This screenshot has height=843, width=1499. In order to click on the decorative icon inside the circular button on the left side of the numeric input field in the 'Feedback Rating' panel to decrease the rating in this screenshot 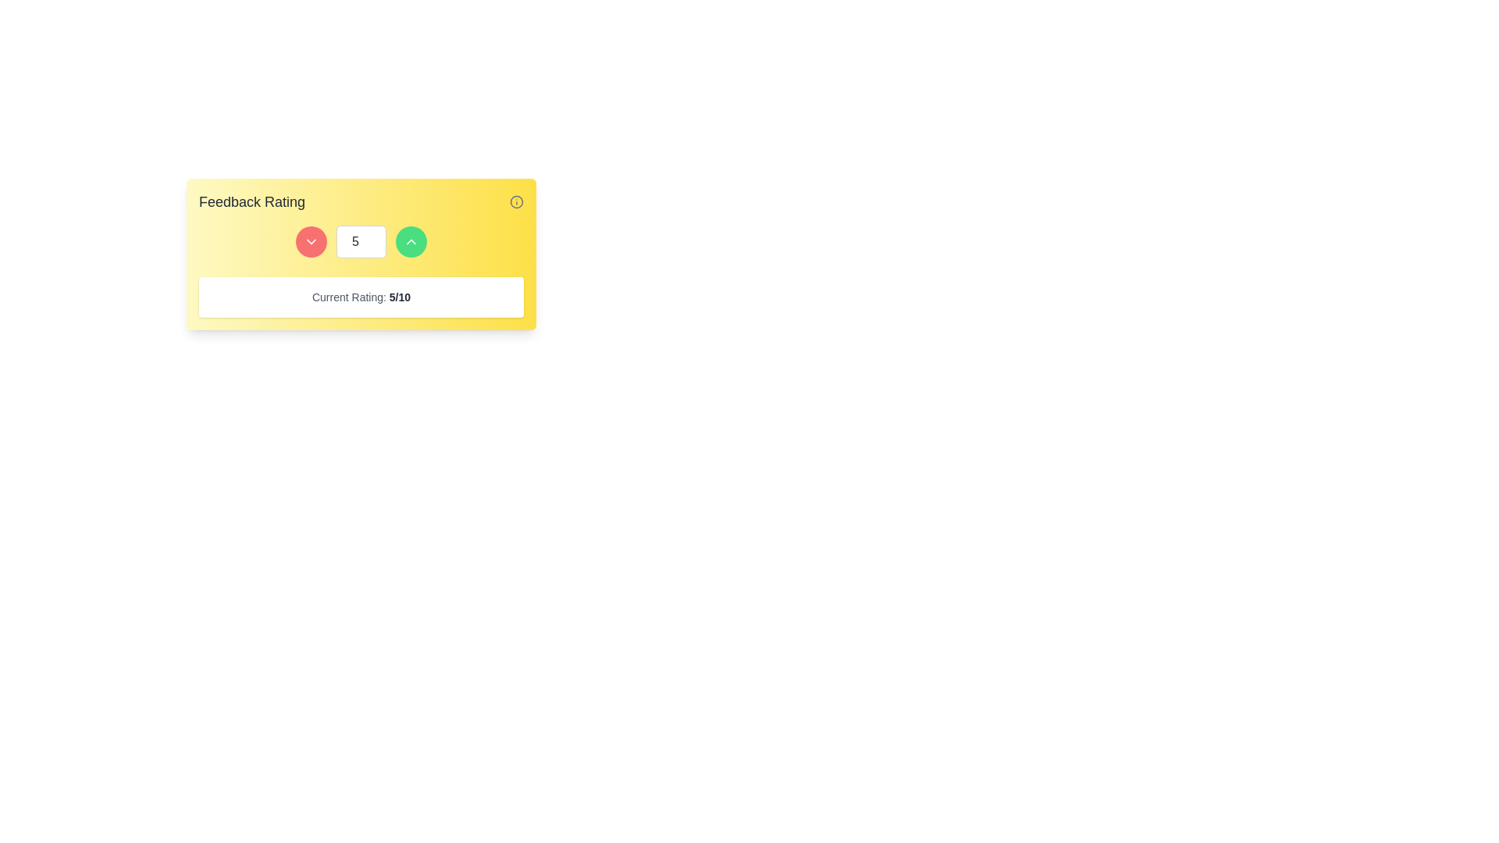, I will do `click(311, 241)`.